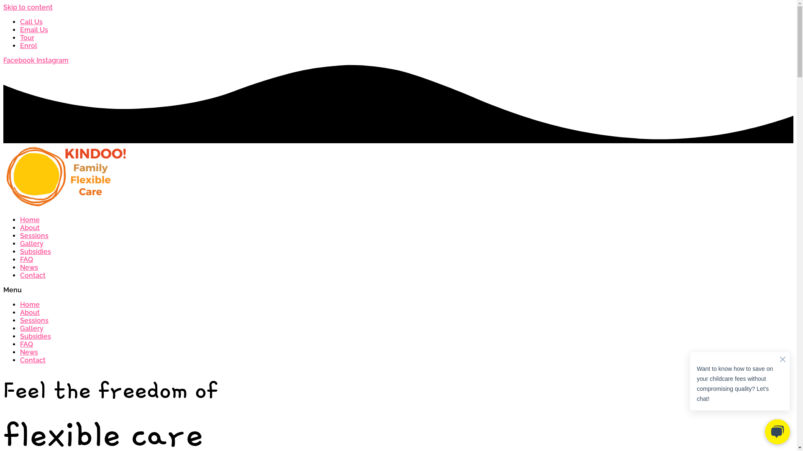 The height and width of the screenshot is (451, 803). What do you see at coordinates (35, 336) in the screenshot?
I see `'Subsidies'` at bounding box center [35, 336].